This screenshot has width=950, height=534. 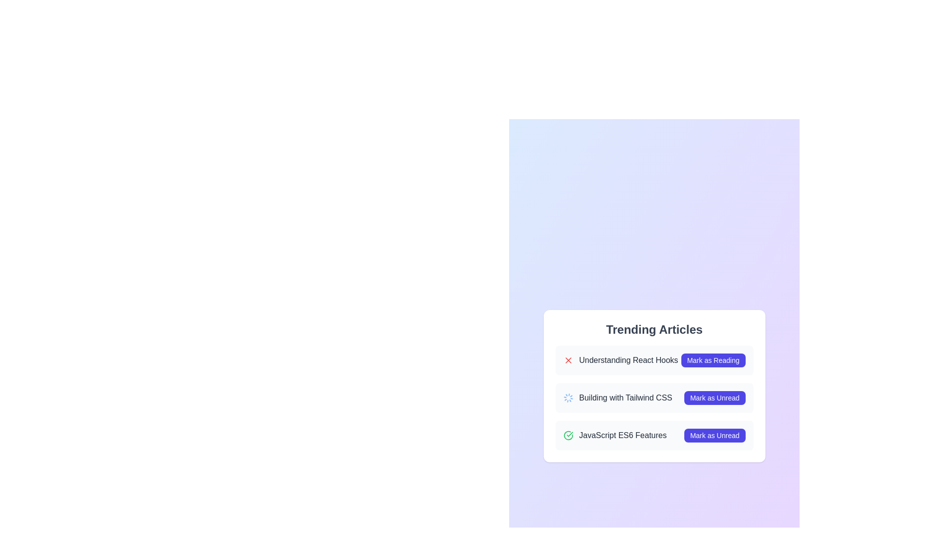 I want to click on the text label reading 'Understanding React Hooks', which is centrally placed within the 'Trending Articles' section and is the first article title in the list, so click(x=628, y=360).